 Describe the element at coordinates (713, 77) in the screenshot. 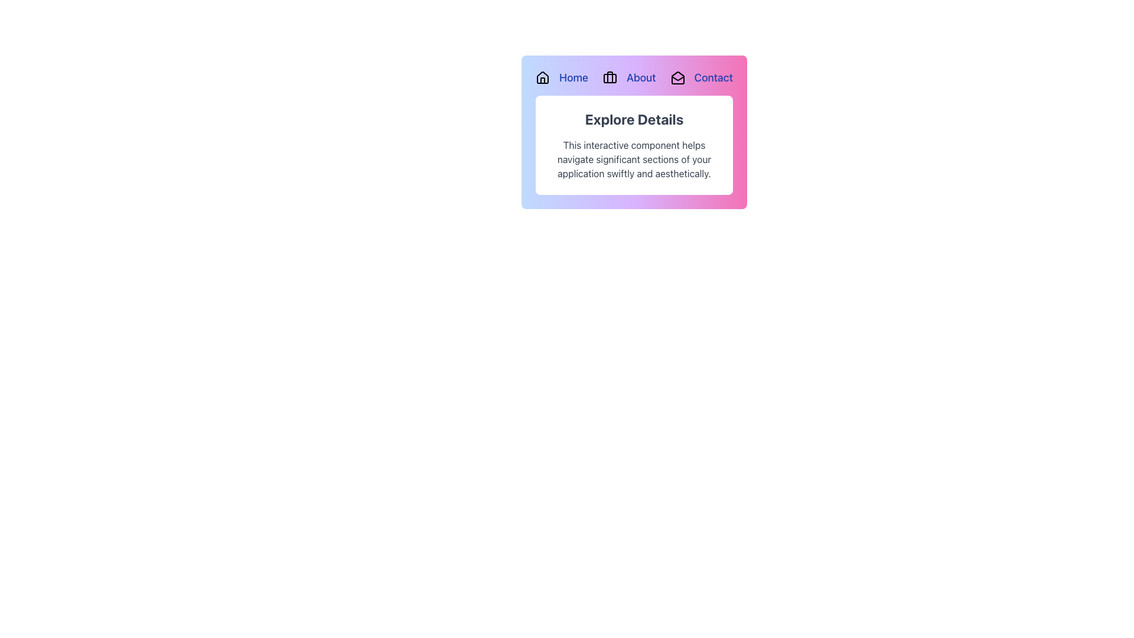

I see `the 'Contact' hyperlink button, which is the last item in the navigation menu on the top-right corner` at that location.